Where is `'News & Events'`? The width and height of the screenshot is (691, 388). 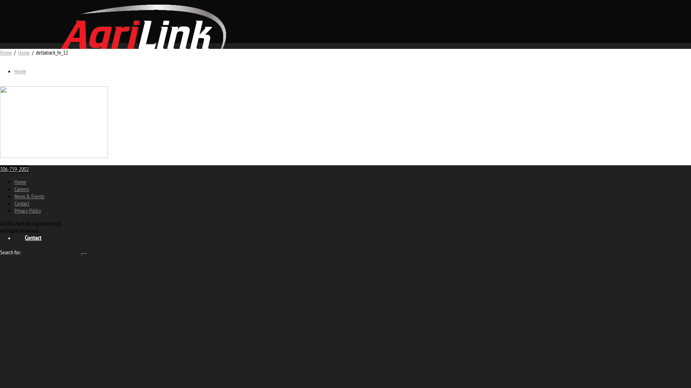
'News & Events' is located at coordinates (29, 196).